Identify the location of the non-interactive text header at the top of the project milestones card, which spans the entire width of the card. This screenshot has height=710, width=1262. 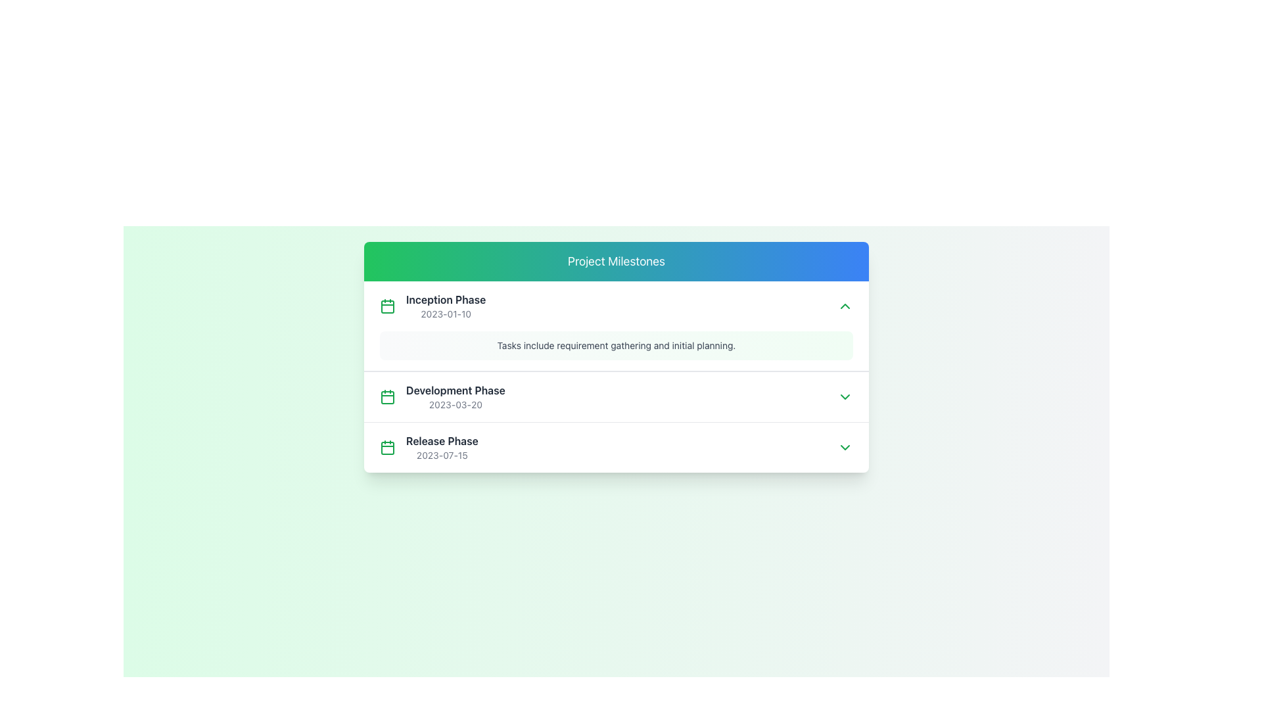
(615, 261).